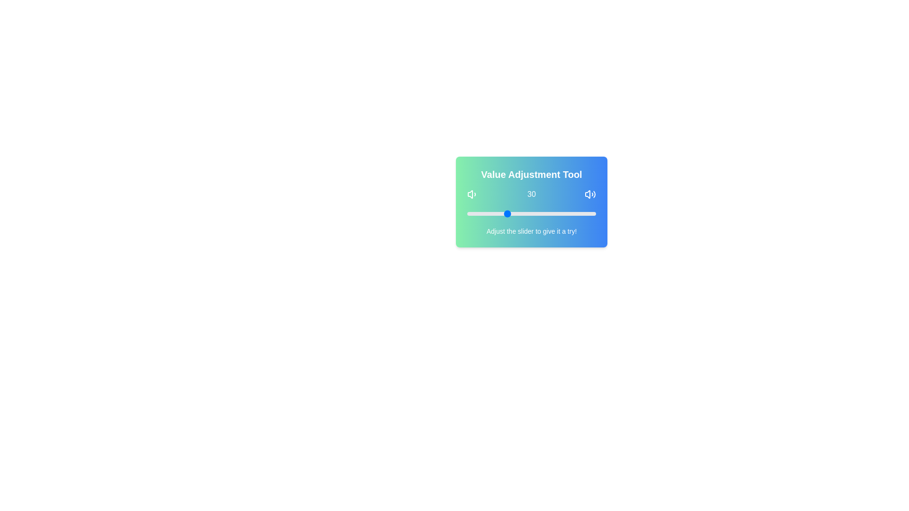  I want to click on the slider, so click(554, 213).